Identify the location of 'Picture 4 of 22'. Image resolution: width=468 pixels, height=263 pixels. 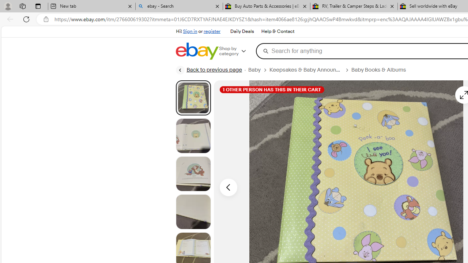
(193, 211).